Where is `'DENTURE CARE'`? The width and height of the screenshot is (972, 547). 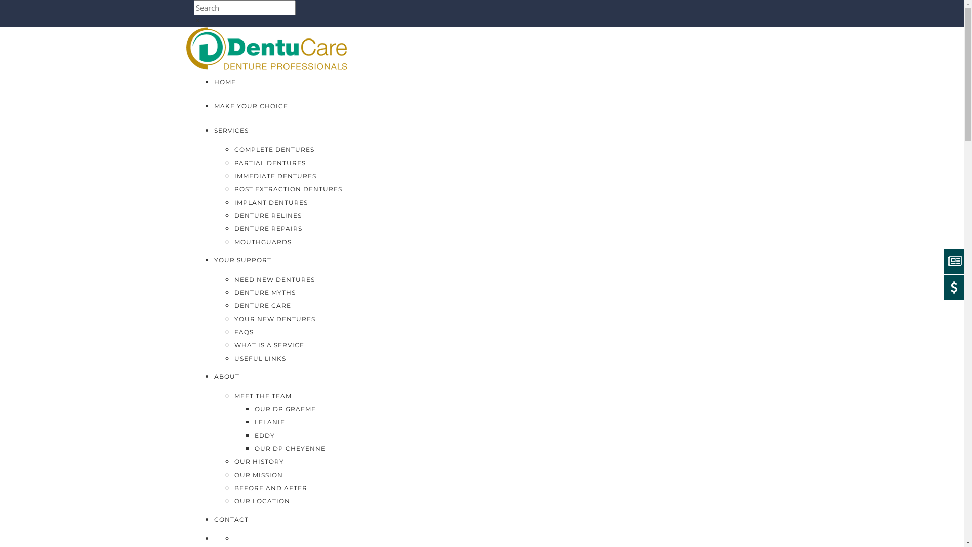
'DENTURE CARE' is located at coordinates (233, 305).